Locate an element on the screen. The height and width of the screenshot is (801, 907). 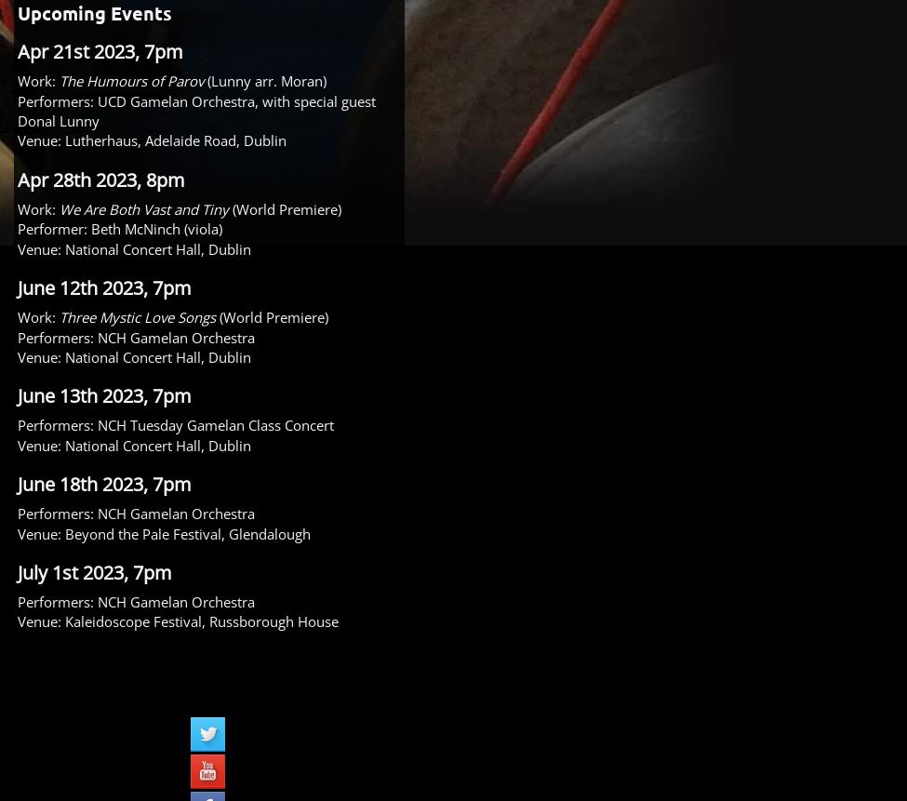
'Performers: NCH Tuesday Gamelan Class Concert' is located at coordinates (18, 424).